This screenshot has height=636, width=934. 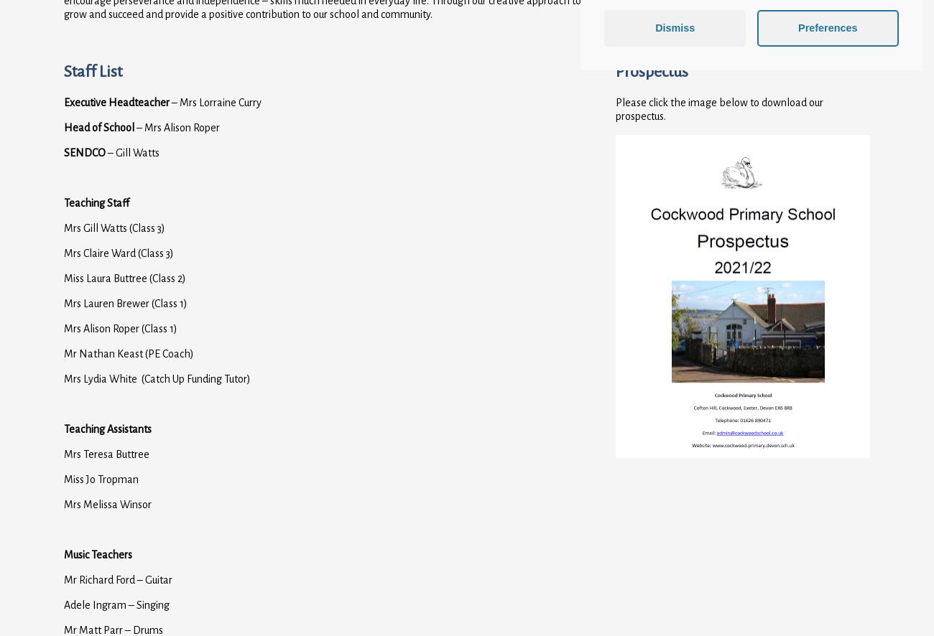 I want to click on 'Staff List', so click(x=92, y=70).